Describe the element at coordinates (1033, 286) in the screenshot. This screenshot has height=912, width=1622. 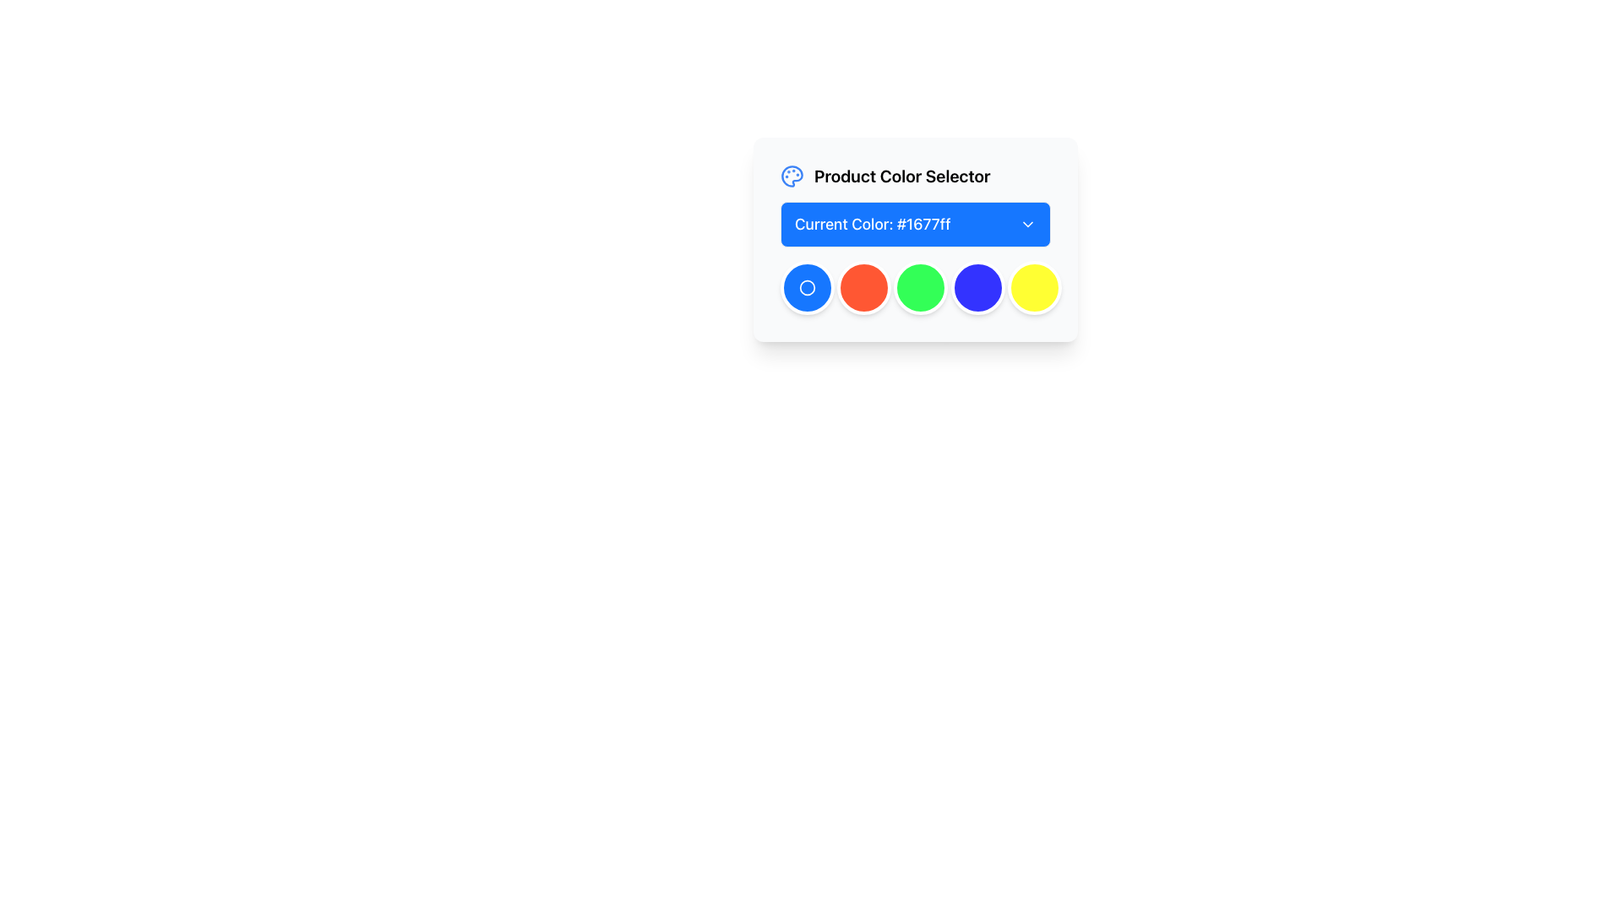
I see `the rightmost circular button with a yellow background` at that location.